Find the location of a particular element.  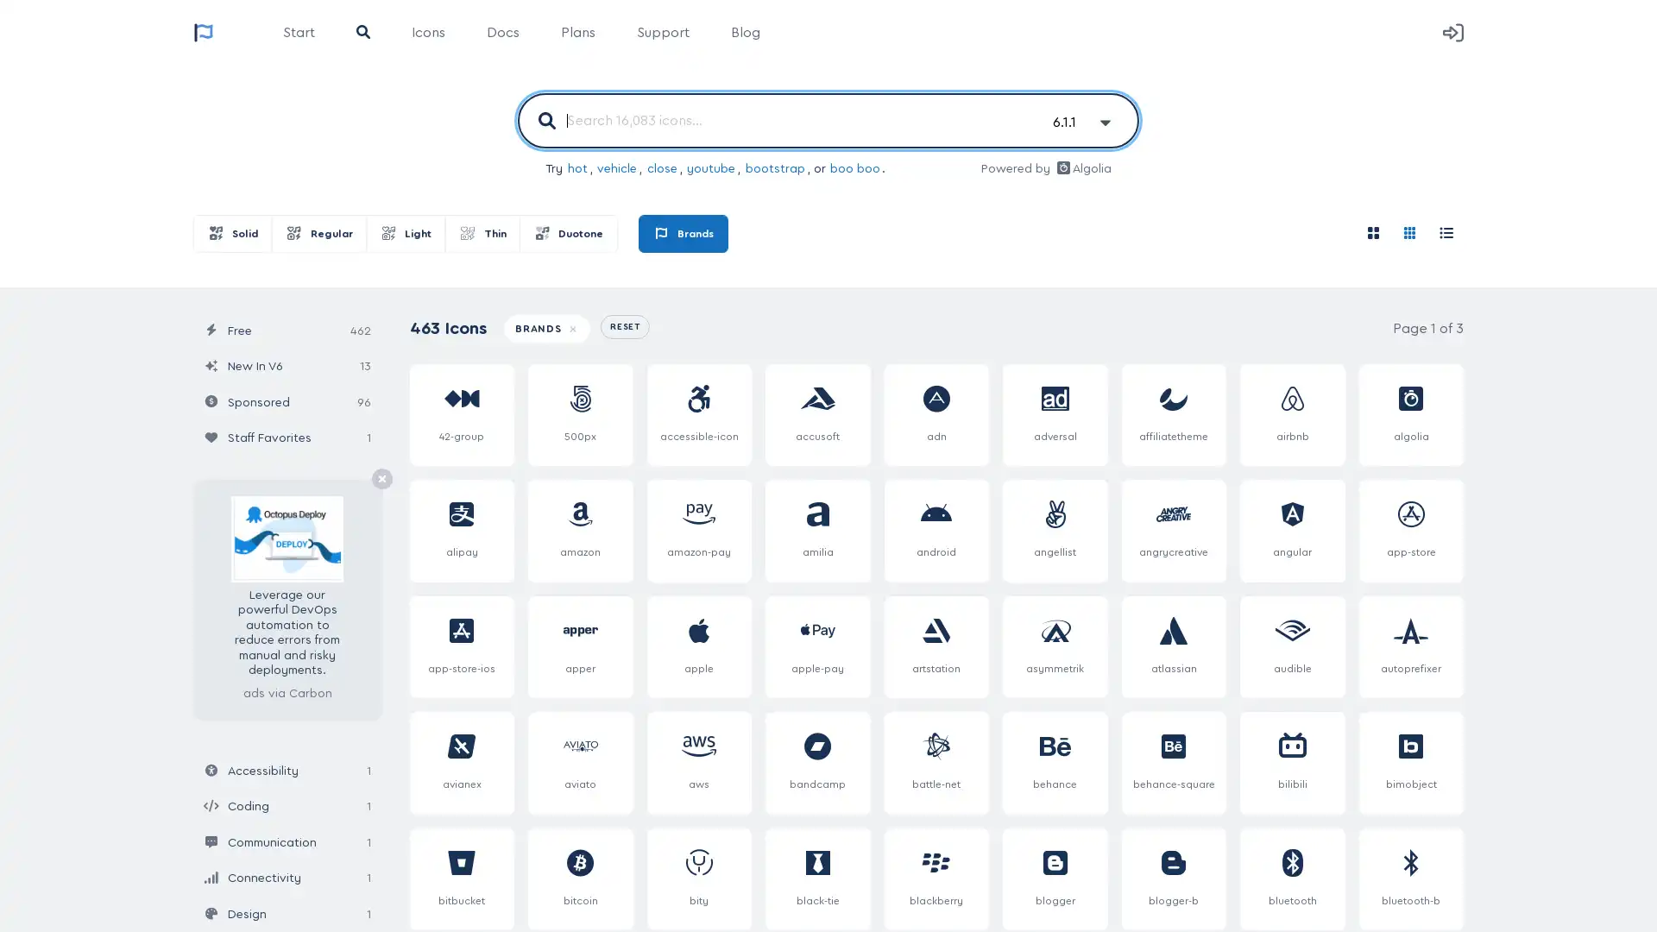

algolia is located at coordinates (1410, 426).